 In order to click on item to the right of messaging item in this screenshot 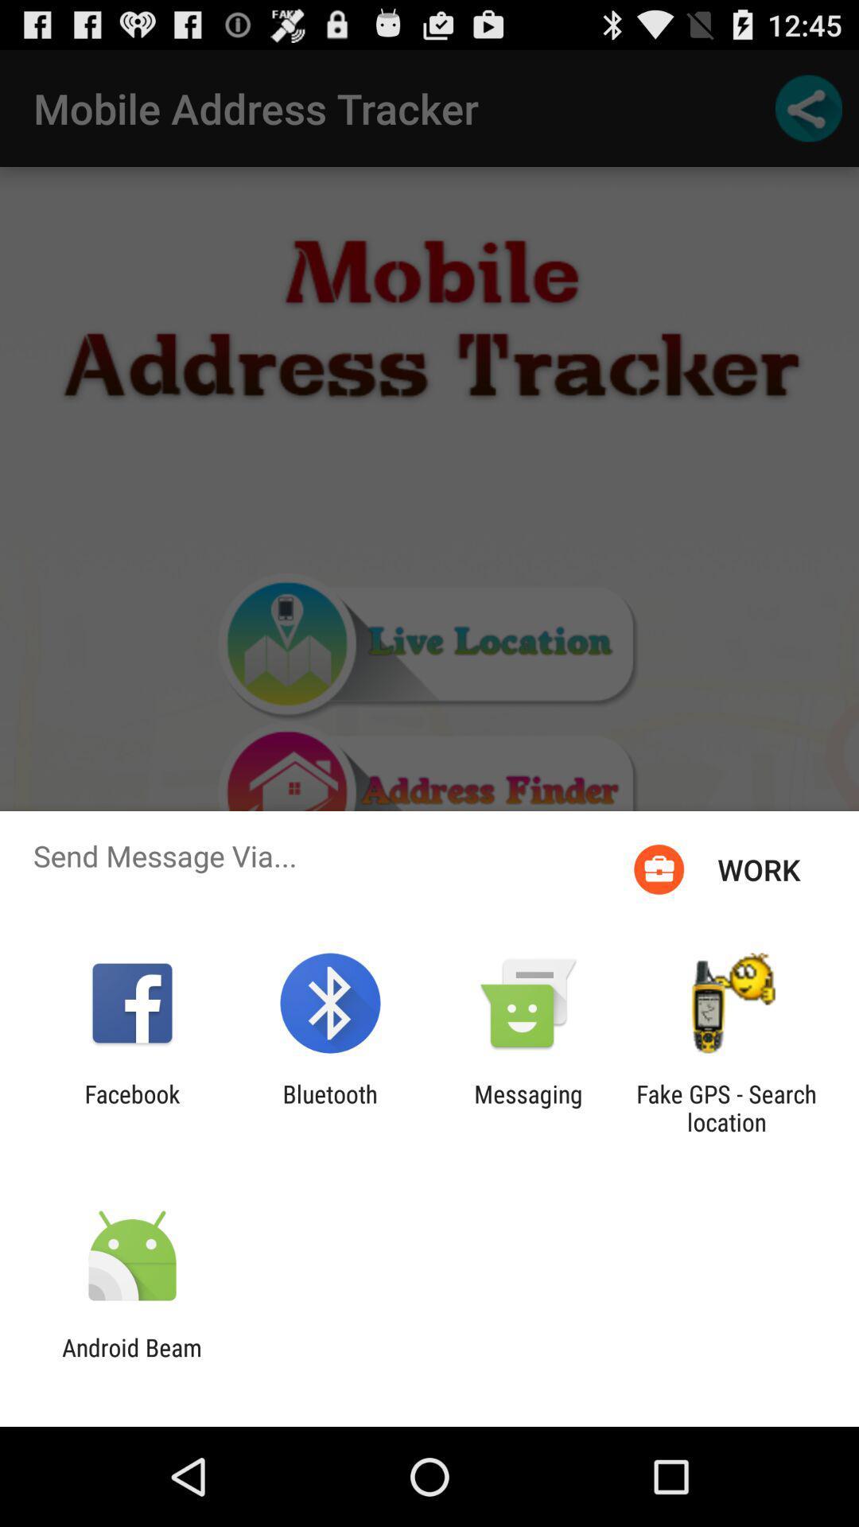, I will do `click(726, 1107)`.